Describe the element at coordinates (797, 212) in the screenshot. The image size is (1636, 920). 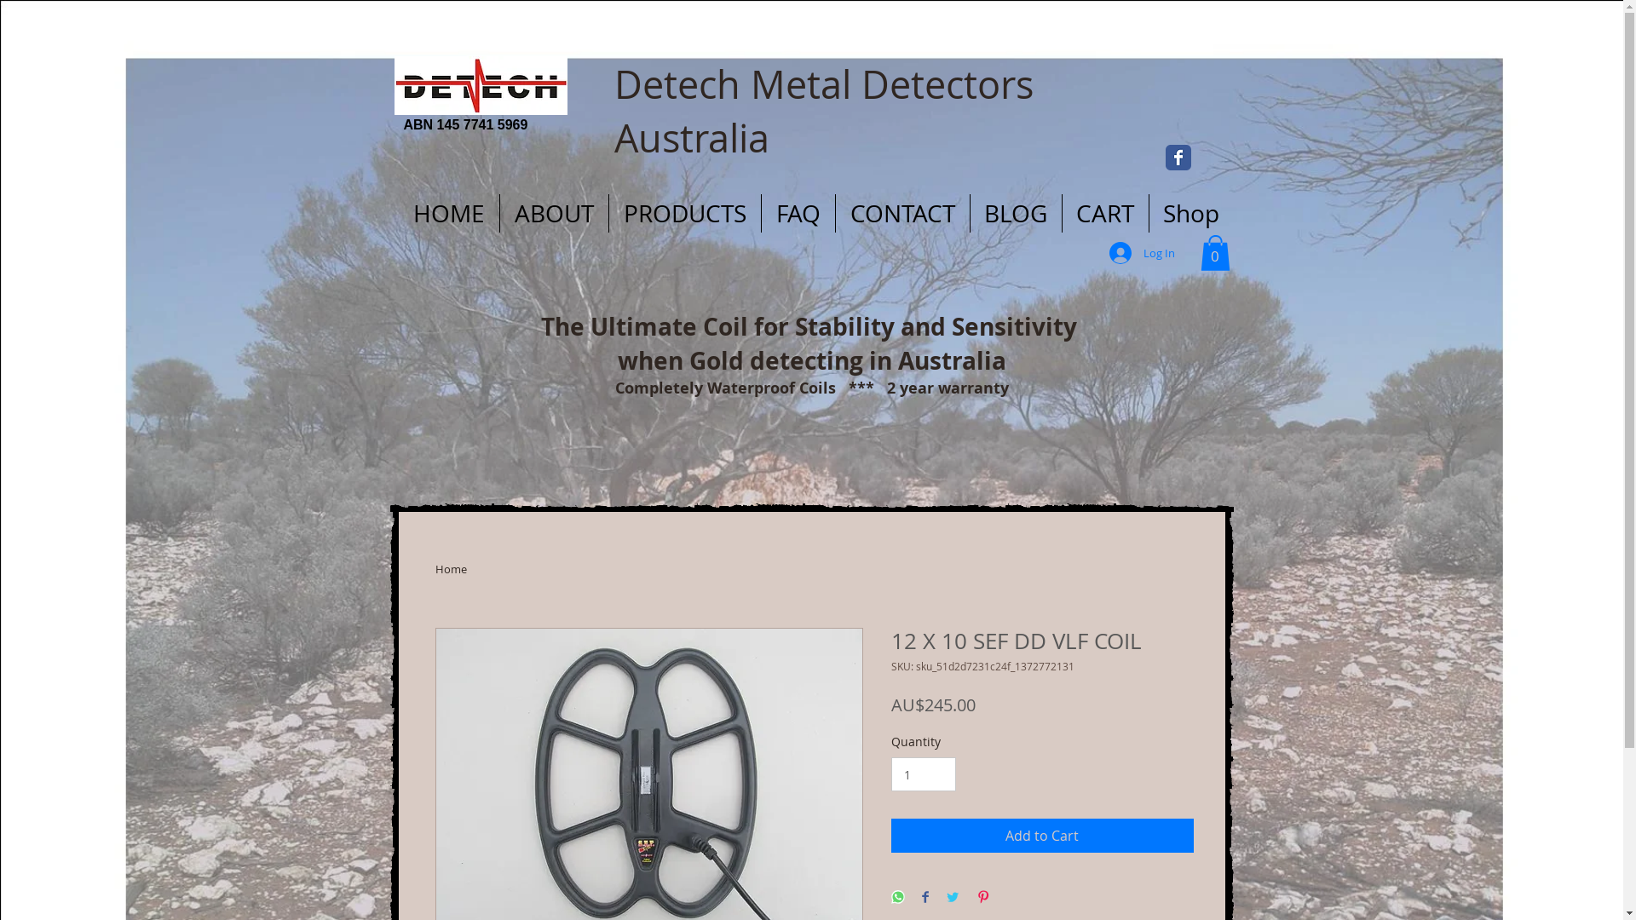
I see `'FAQ'` at that location.